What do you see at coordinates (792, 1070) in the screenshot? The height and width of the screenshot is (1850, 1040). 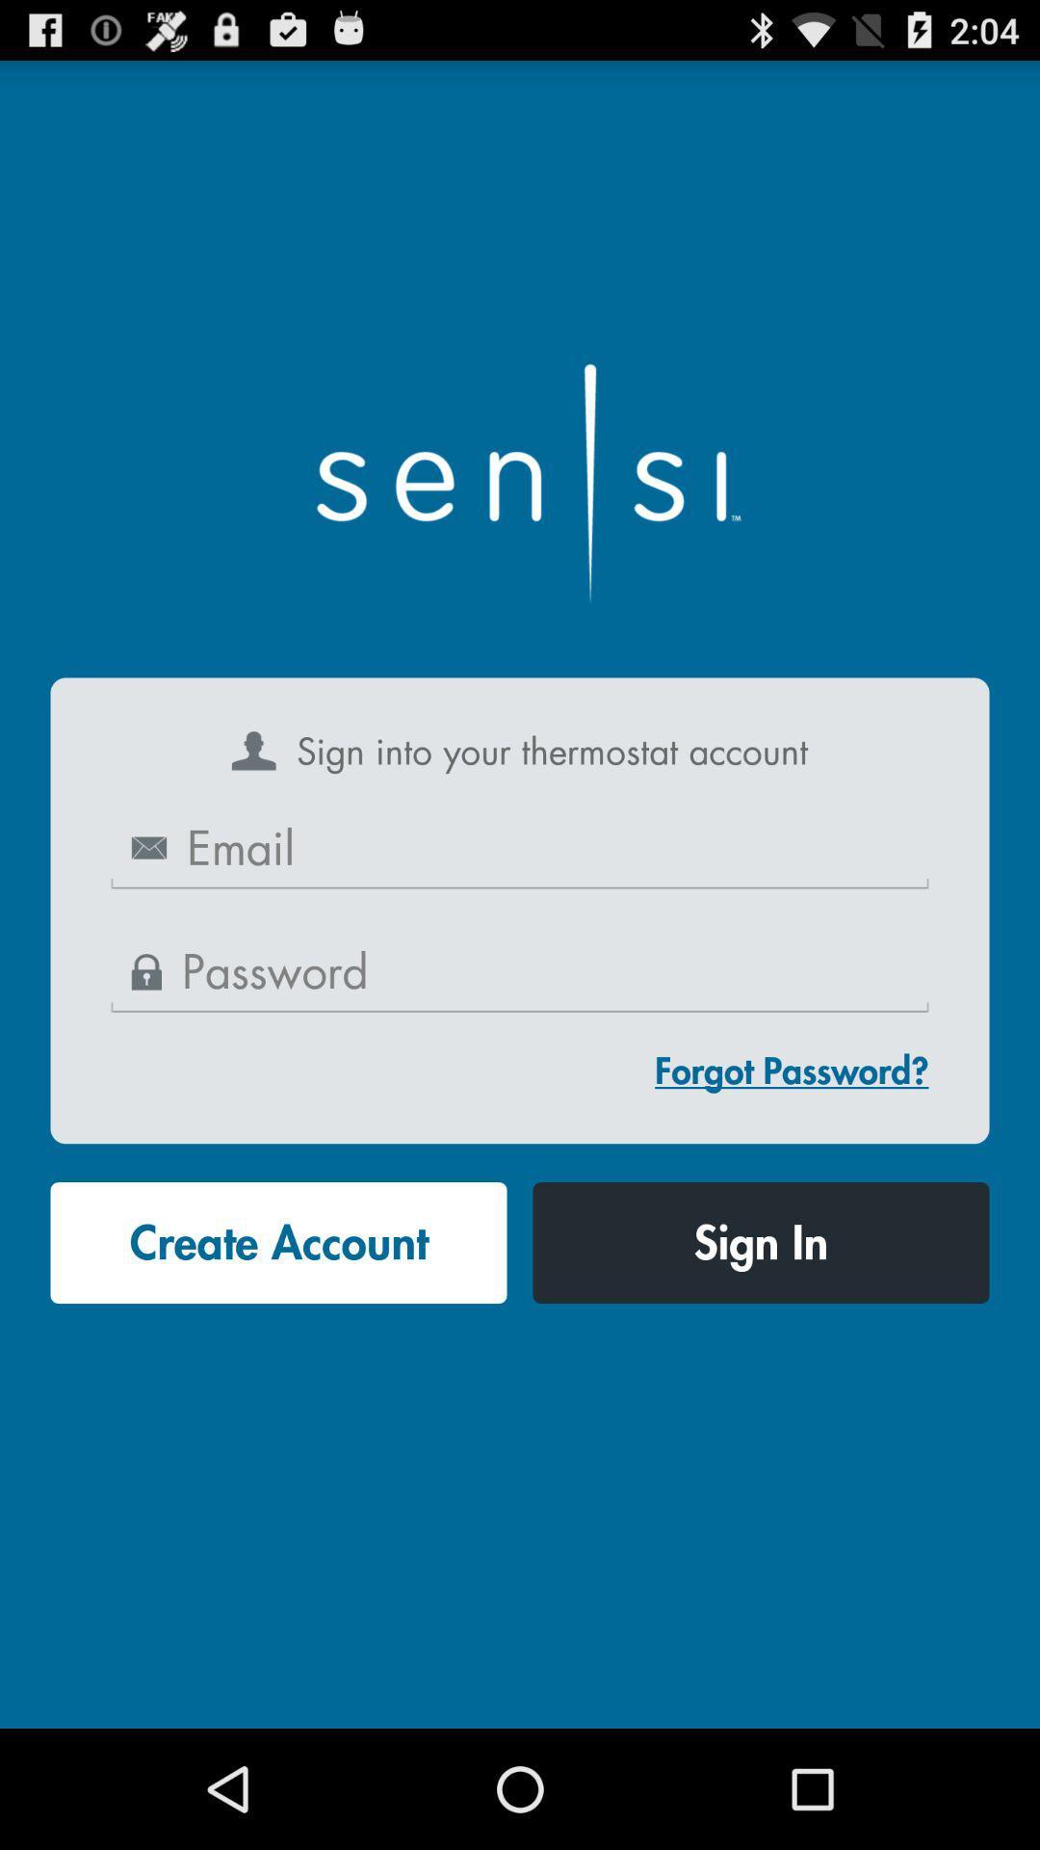 I see `icon on the right` at bounding box center [792, 1070].